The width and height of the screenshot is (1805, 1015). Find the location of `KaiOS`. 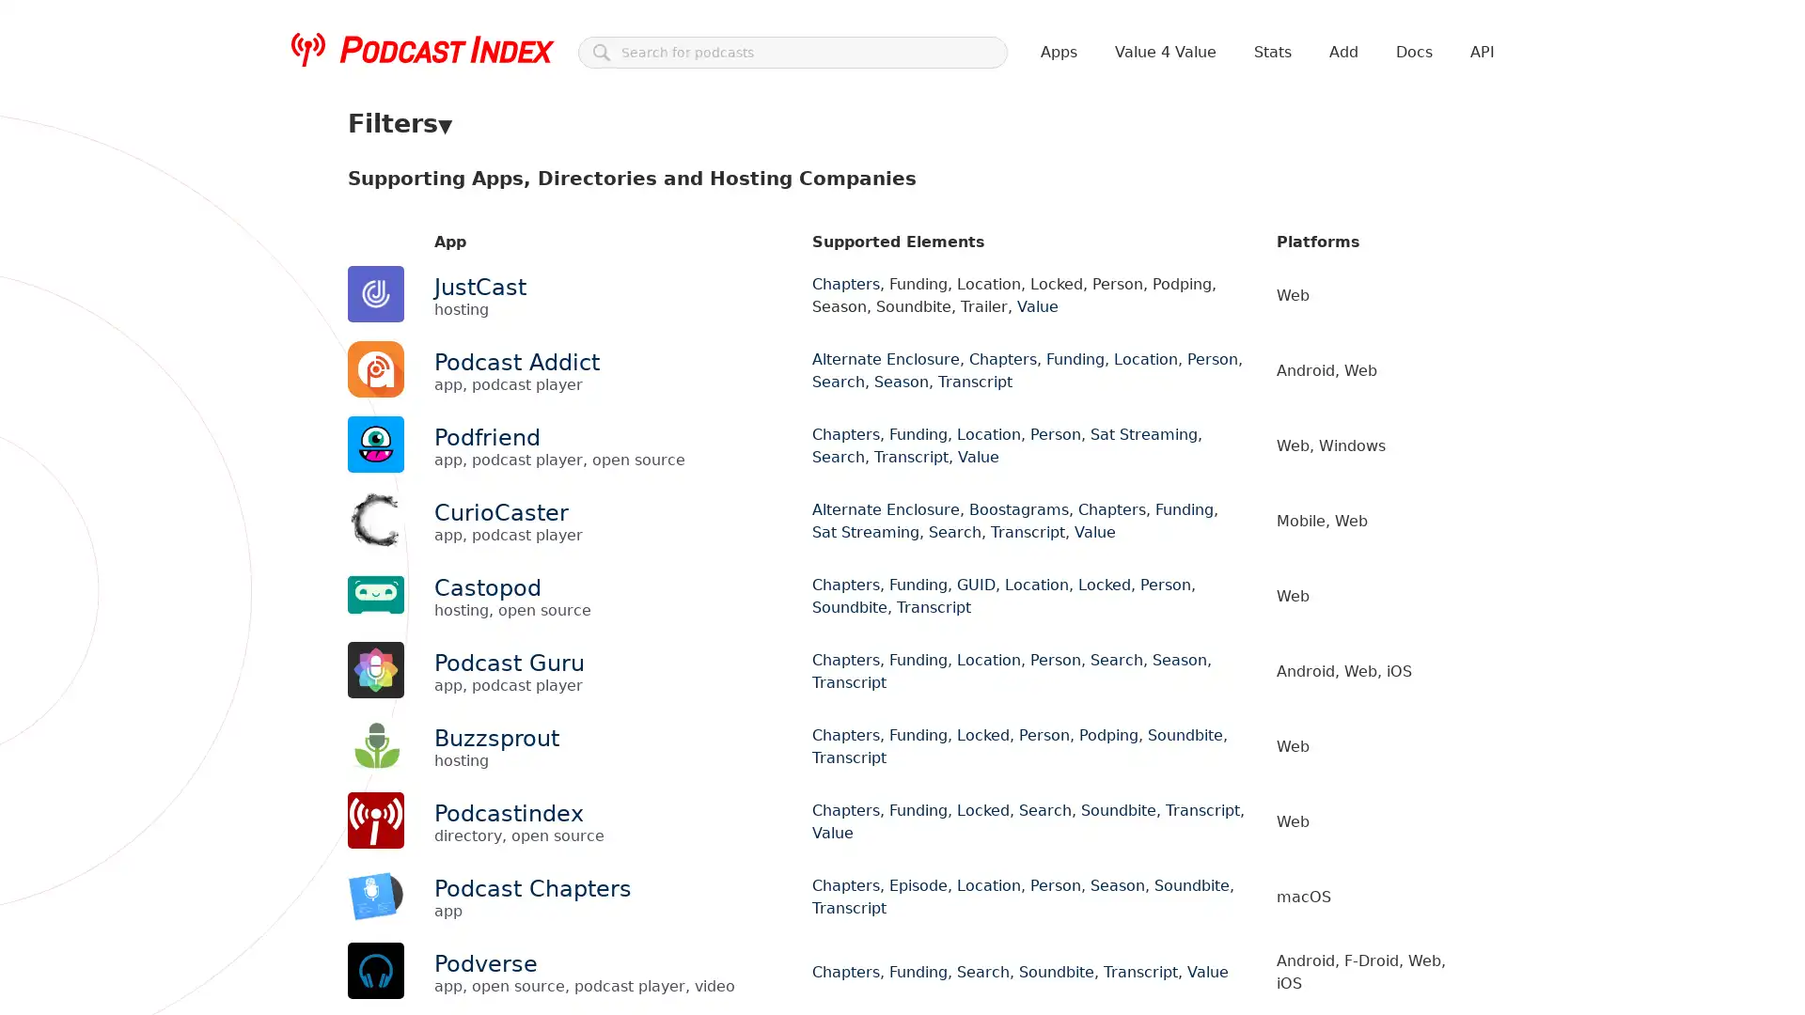

KaiOS is located at coordinates (1047, 385).